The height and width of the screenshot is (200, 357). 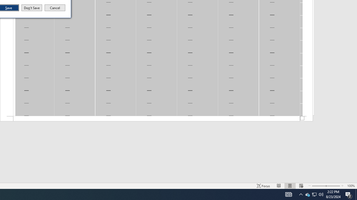 What do you see at coordinates (349, 194) in the screenshot?
I see `'Action Center, 2 new notifications'` at bounding box center [349, 194].